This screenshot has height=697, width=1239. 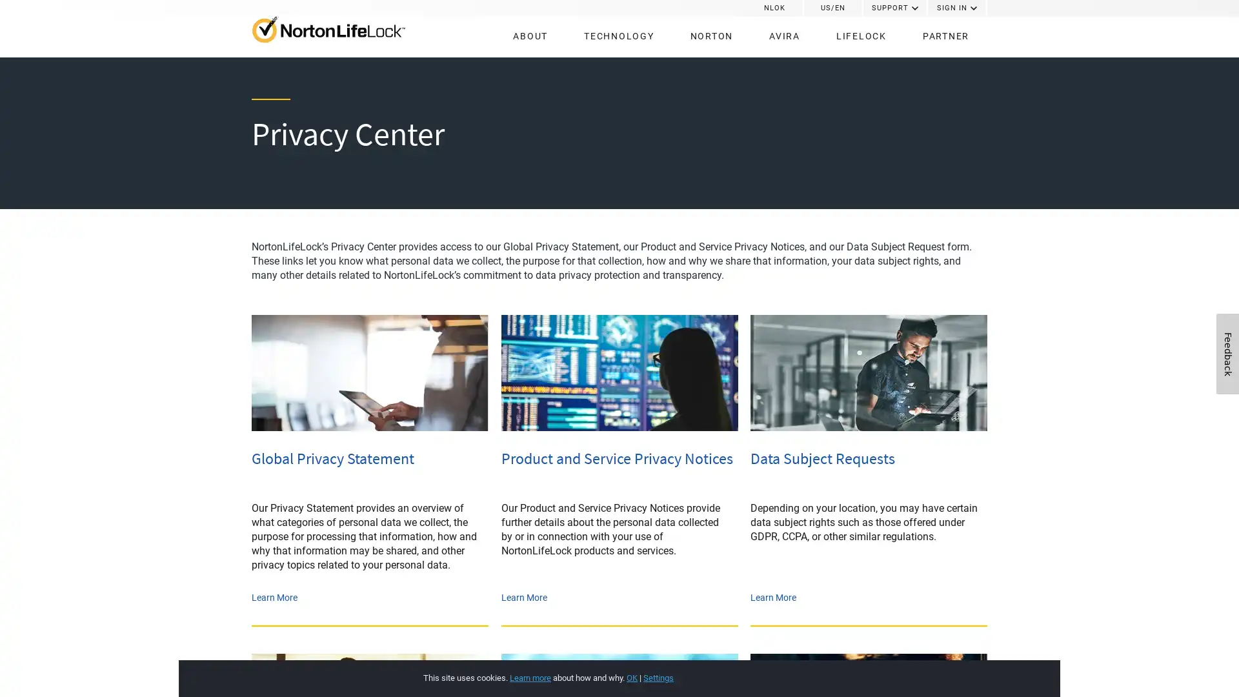 I want to click on Close consent Widget, so click(x=957, y=664).